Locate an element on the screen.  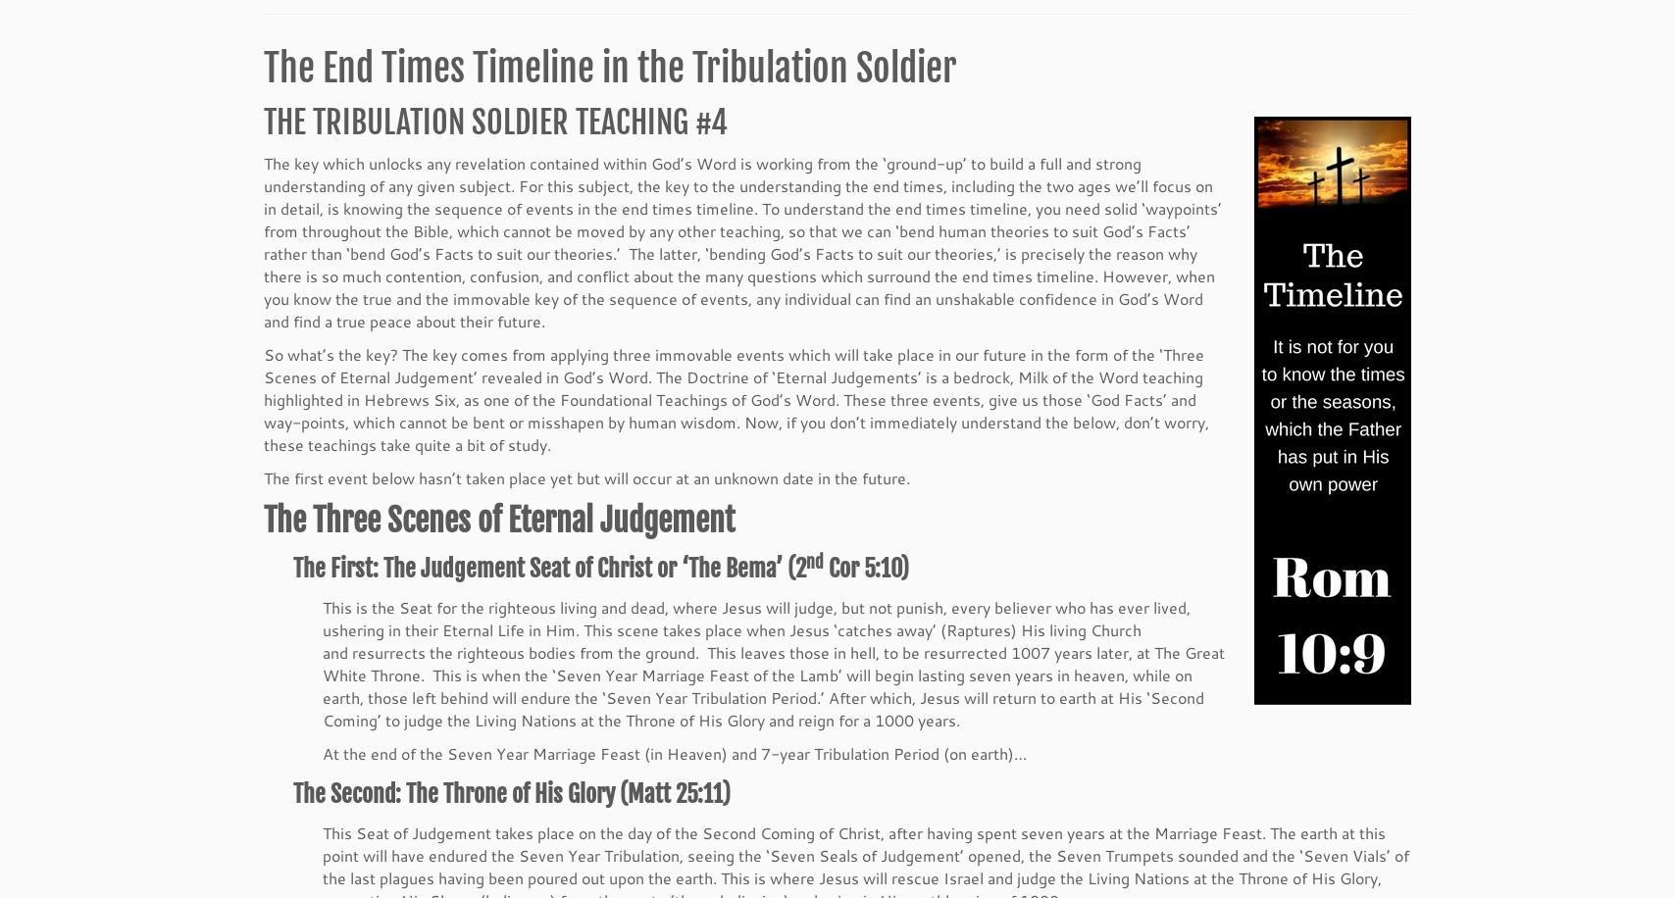
'So what’s the key? The key comes from applying three immovable events which will take place in our future in the form of the ‘Three Scenes of Eternal Judgement’ revealed in God’s Word. The Doctrine of ‘Eternal Judgements’ is a bedrock, Milk of the Word teaching highlighted in Hebrews Six, as one of the Foundational Teachings of God’s Word. These three events, give us those ‘God Facts’ and way-points, which cannot be bent or misshapen by human wisdom. Now, if you don’t immediately understand the below, don’t worry, these teachings take quite a bit of study.' is located at coordinates (736, 400).